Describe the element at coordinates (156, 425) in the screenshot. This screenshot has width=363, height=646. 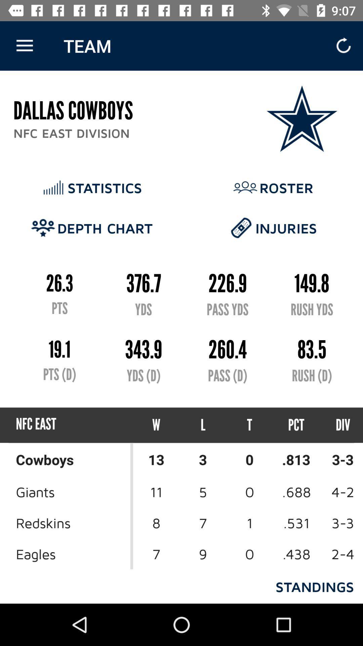
I see `the icon next to l` at that location.